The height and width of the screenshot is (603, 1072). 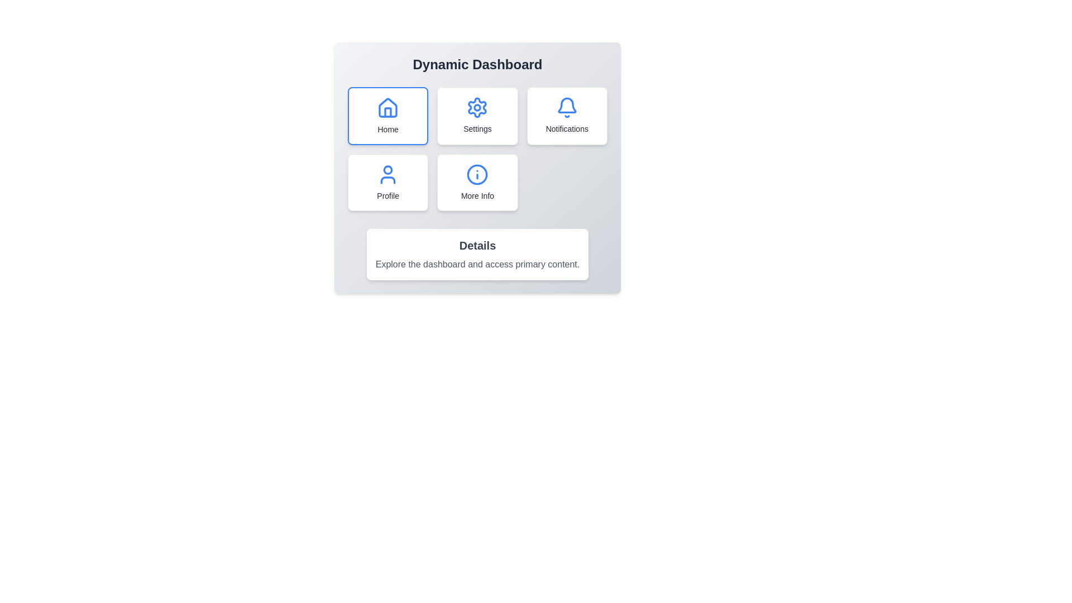 I want to click on text displayed in medium gray font saying 'Explore the dashboard and access primary content.' located directly below the title 'Details' within a white card panel, so click(x=477, y=265).